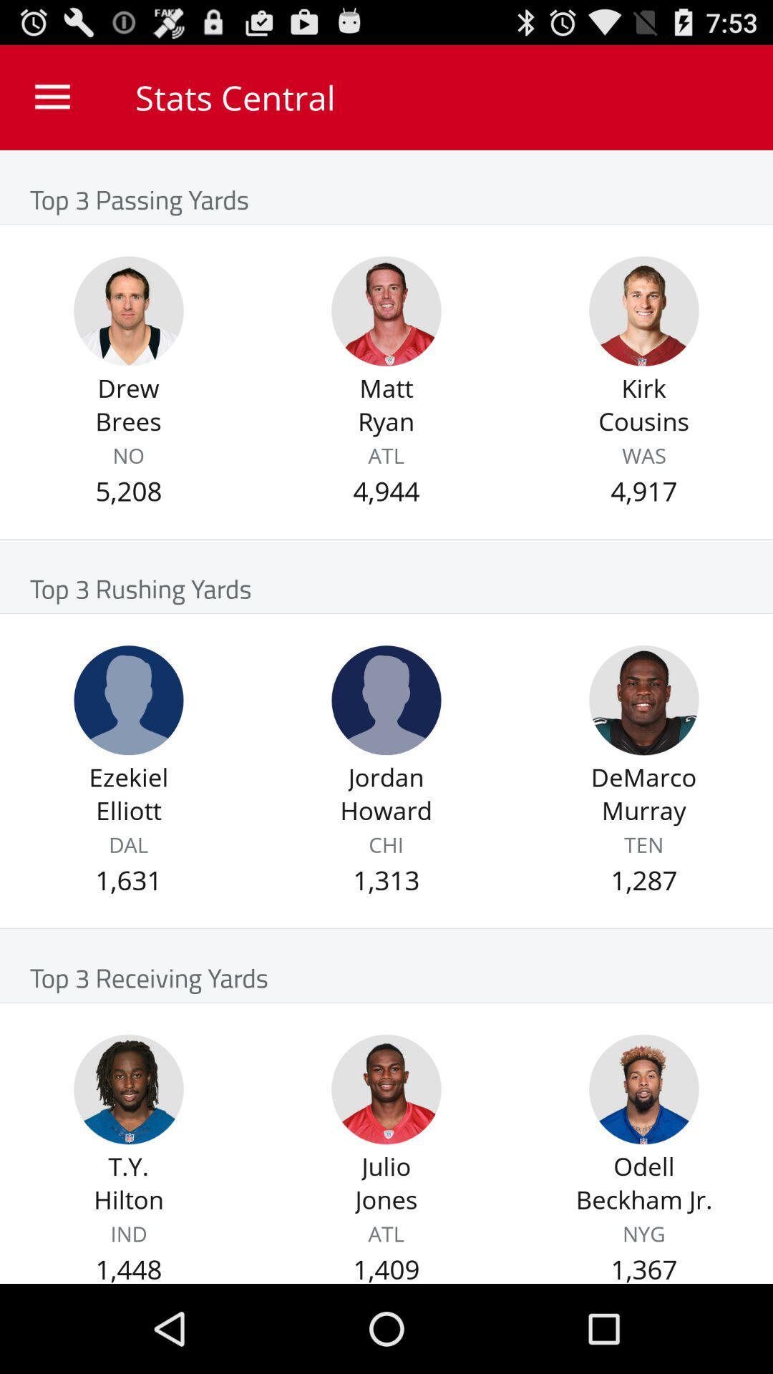  I want to click on player, so click(643, 311).